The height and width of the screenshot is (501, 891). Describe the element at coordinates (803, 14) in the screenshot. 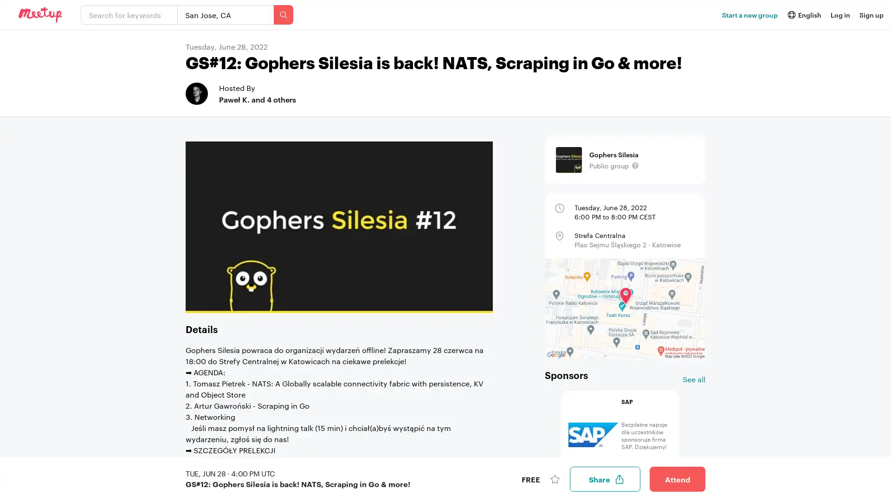

I see `icon English` at that location.